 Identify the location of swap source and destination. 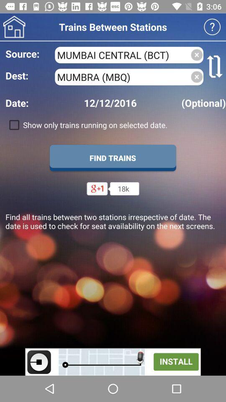
(215, 66).